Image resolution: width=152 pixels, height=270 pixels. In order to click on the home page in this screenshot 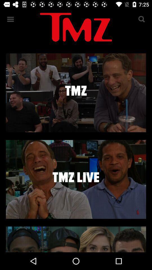, I will do `click(76, 28)`.